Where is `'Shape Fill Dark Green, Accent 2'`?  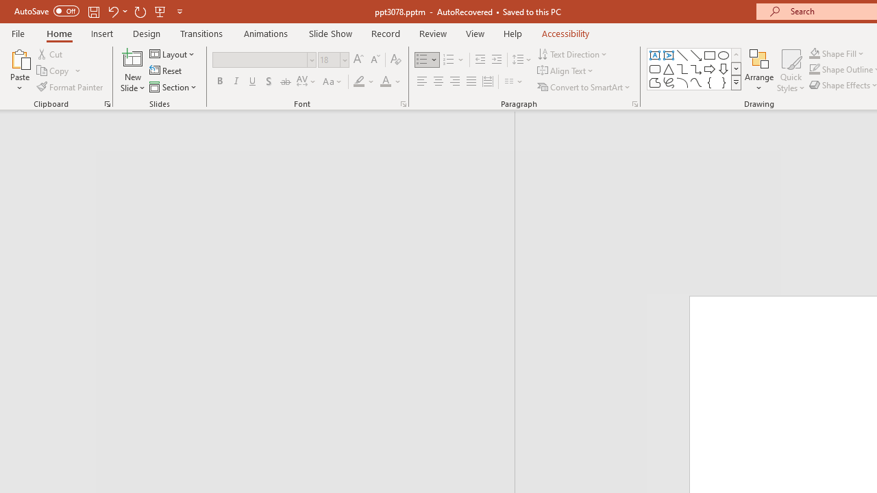 'Shape Fill Dark Green, Accent 2' is located at coordinates (815, 53).